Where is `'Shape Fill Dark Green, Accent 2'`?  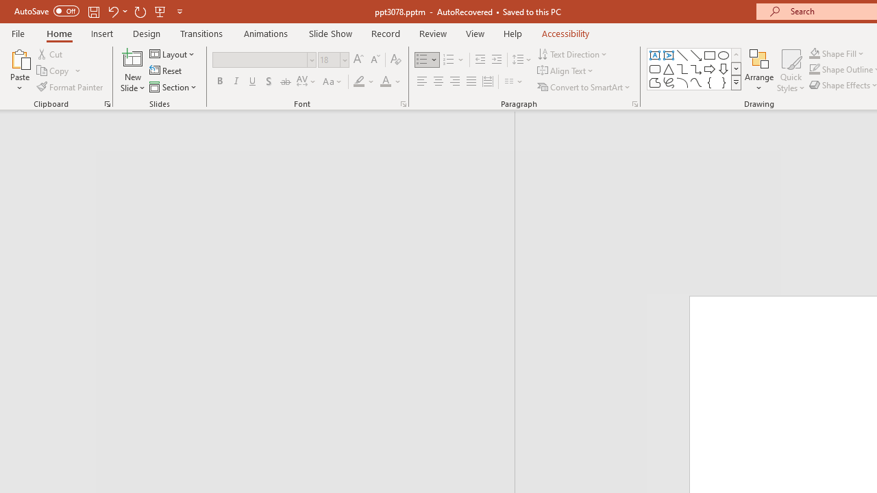 'Shape Fill Dark Green, Accent 2' is located at coordinates (815, 53).